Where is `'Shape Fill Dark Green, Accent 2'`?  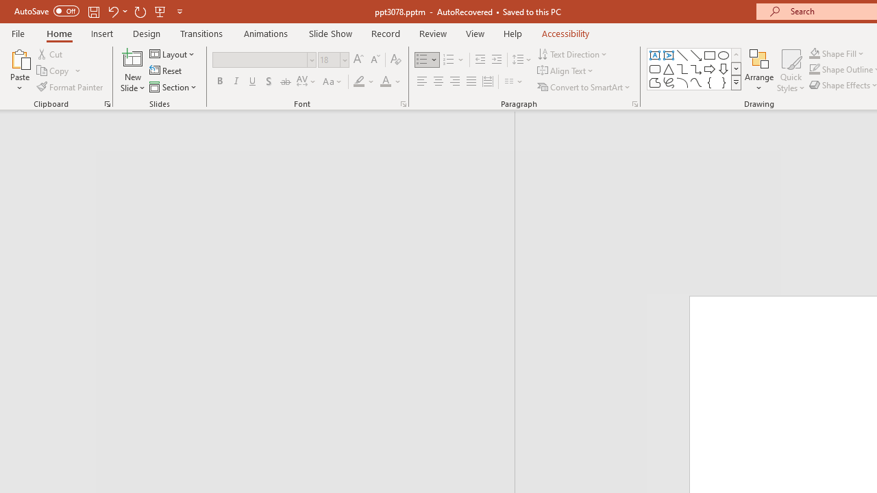 'Shape Fill Dark Green, Accent 2' is located at coordinates (815, 53).